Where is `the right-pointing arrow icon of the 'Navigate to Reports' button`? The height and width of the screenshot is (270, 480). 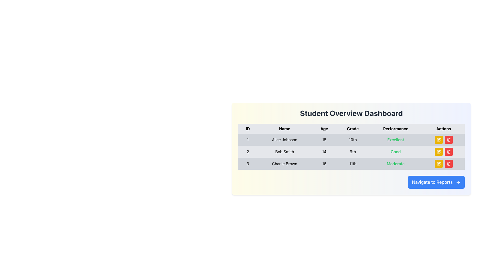
the right-pointing arrow icon of the 'Navigate to Reports' button is located at coordinates (458, 182).